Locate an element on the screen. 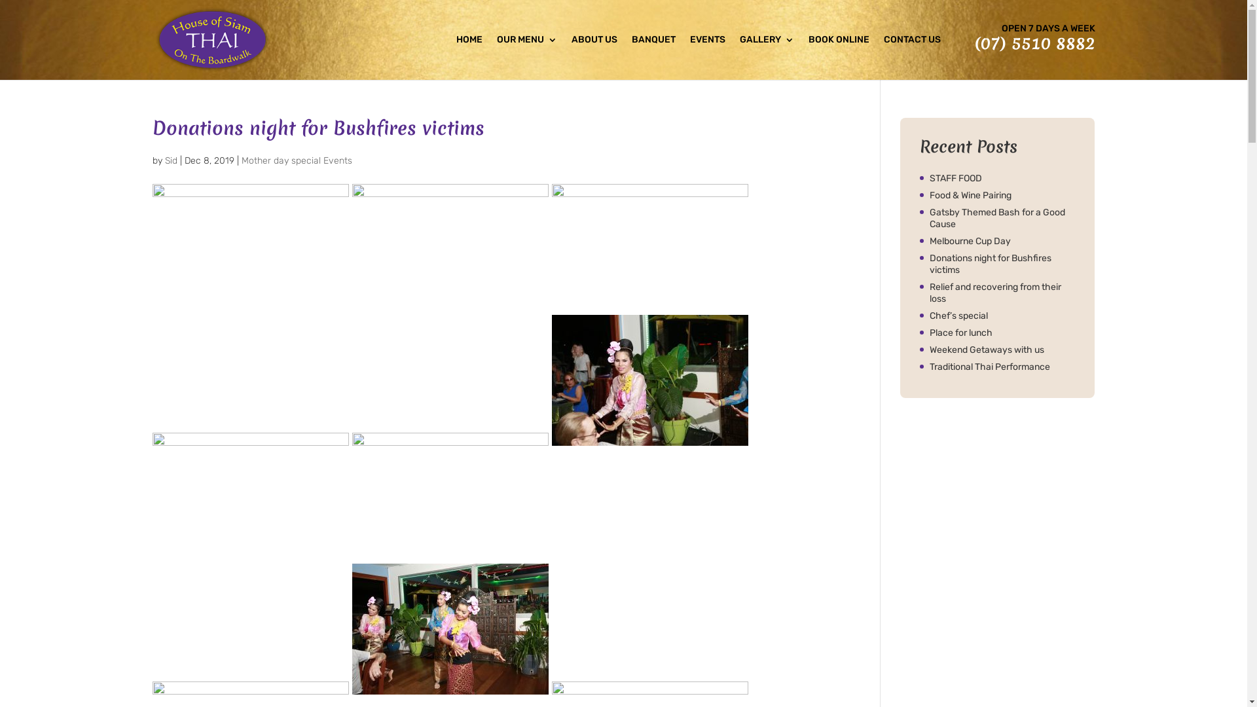 This screenshot has height=707, width=1257. 'Sid' is located at coordinates (164, 160).